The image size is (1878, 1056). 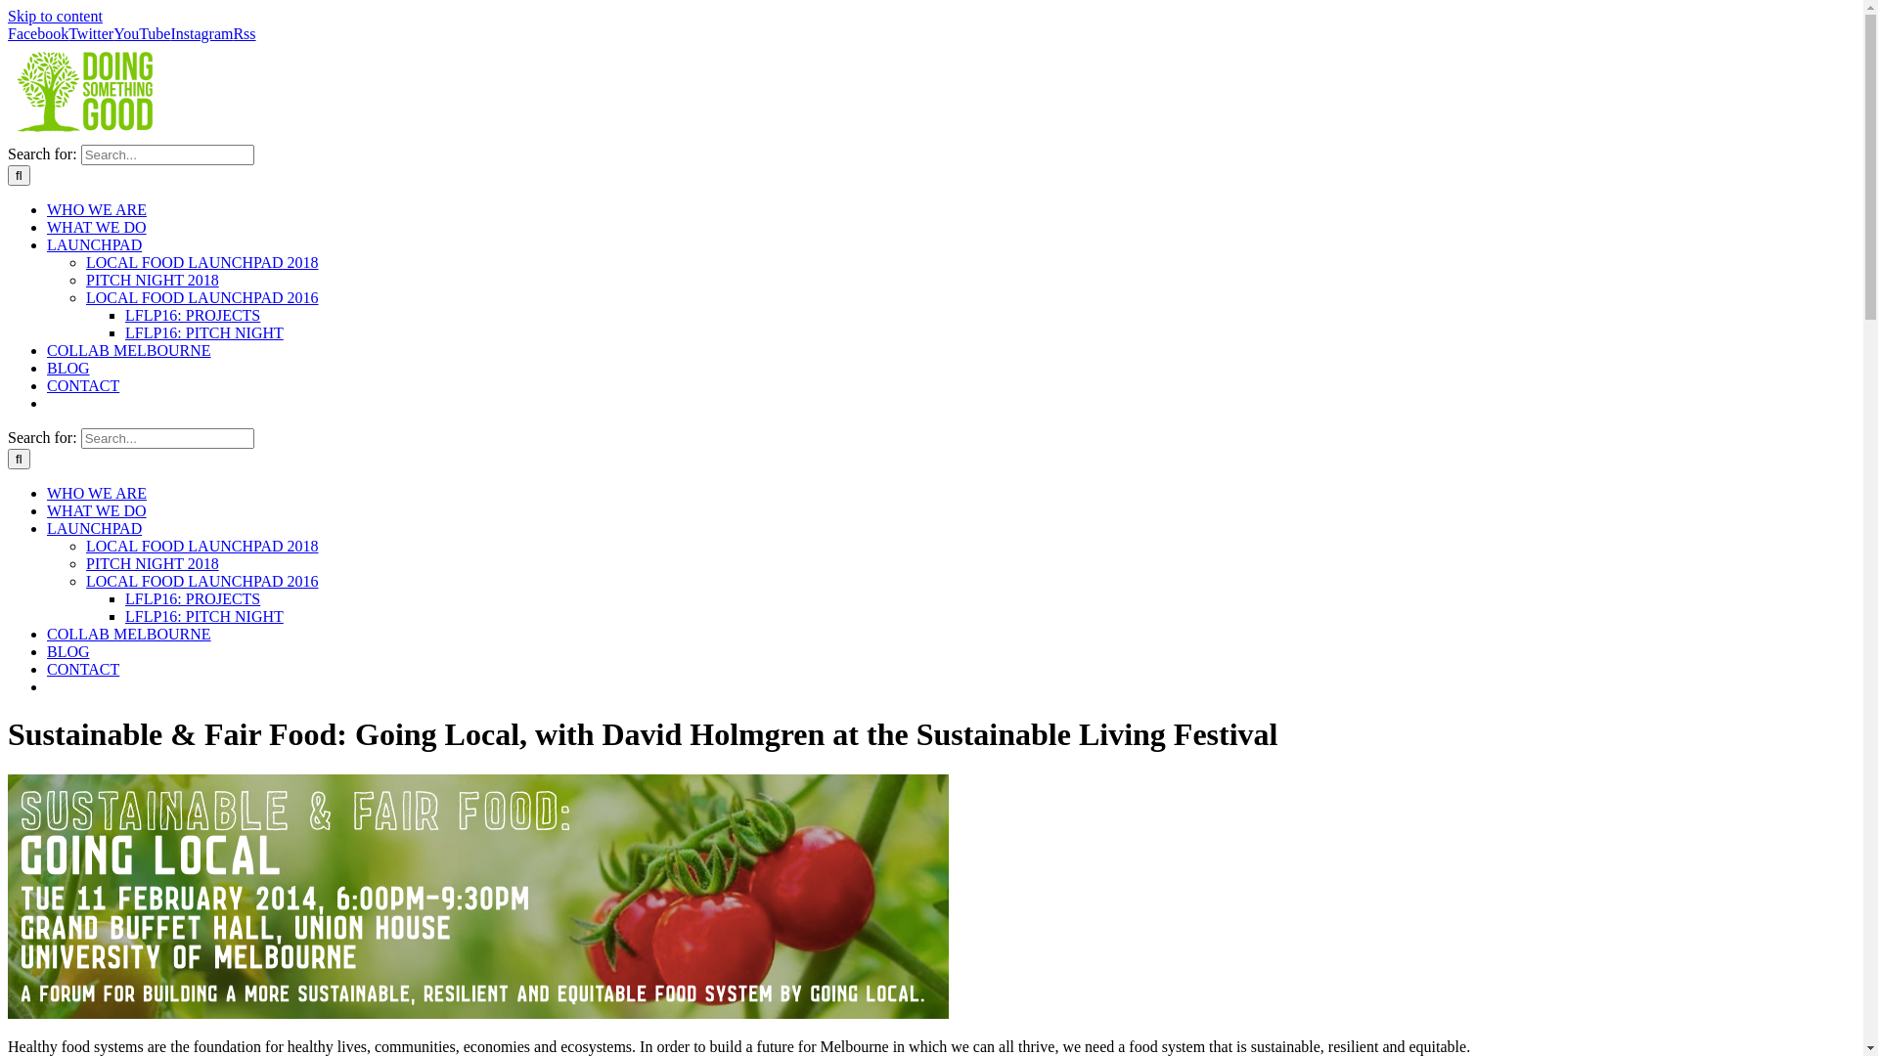 What do you see at coordinates (128, 349) in the screenshot?
I see `'COLLAB MELBOURNE'` at bounding box center [128, 349].